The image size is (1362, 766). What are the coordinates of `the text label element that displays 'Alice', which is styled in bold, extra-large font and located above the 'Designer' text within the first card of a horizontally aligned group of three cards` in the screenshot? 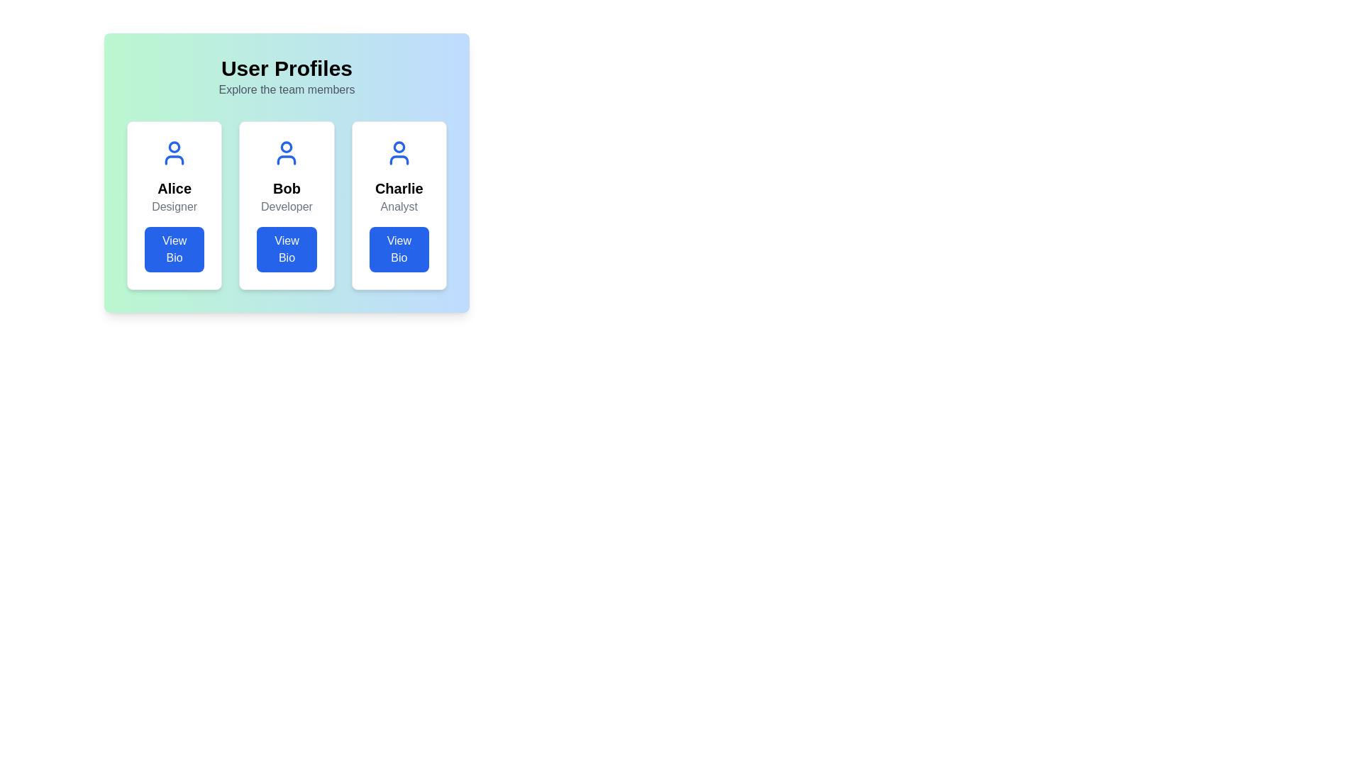 It's located at (174, 188).